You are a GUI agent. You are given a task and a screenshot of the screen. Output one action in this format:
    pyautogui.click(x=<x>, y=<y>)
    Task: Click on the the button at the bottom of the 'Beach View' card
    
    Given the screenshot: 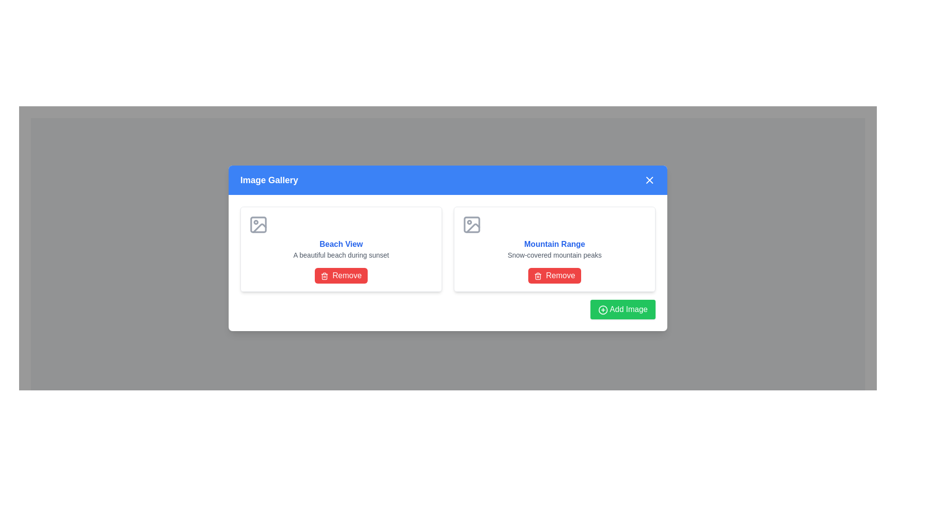 What is the action you would take?
    pyautogui.click(x=341, y=276)
    